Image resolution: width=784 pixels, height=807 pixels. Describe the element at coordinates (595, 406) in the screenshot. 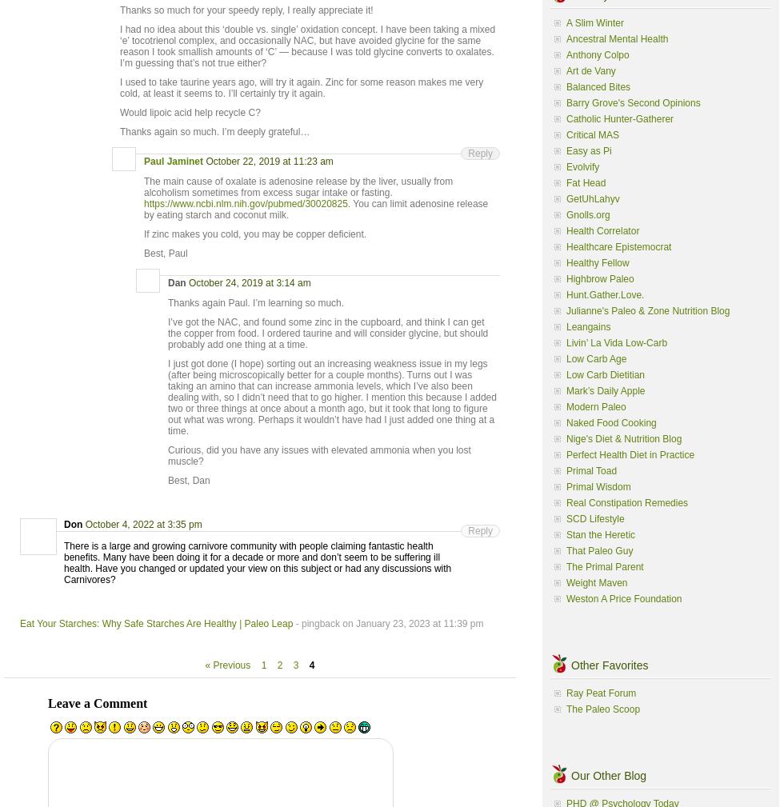

I see `'Modern Paleo'` at that location.